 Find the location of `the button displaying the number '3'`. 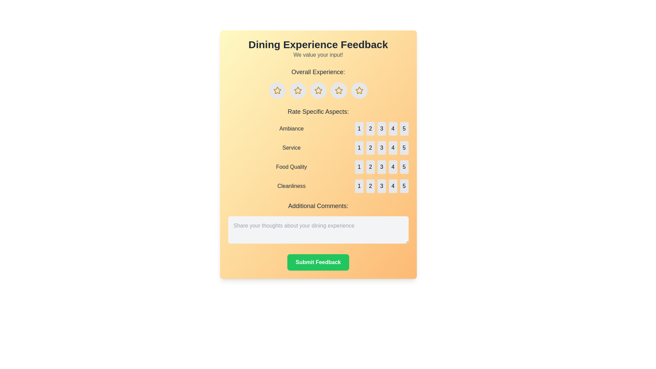

the button displaying the number '3' is located at coordinates (381, 147).